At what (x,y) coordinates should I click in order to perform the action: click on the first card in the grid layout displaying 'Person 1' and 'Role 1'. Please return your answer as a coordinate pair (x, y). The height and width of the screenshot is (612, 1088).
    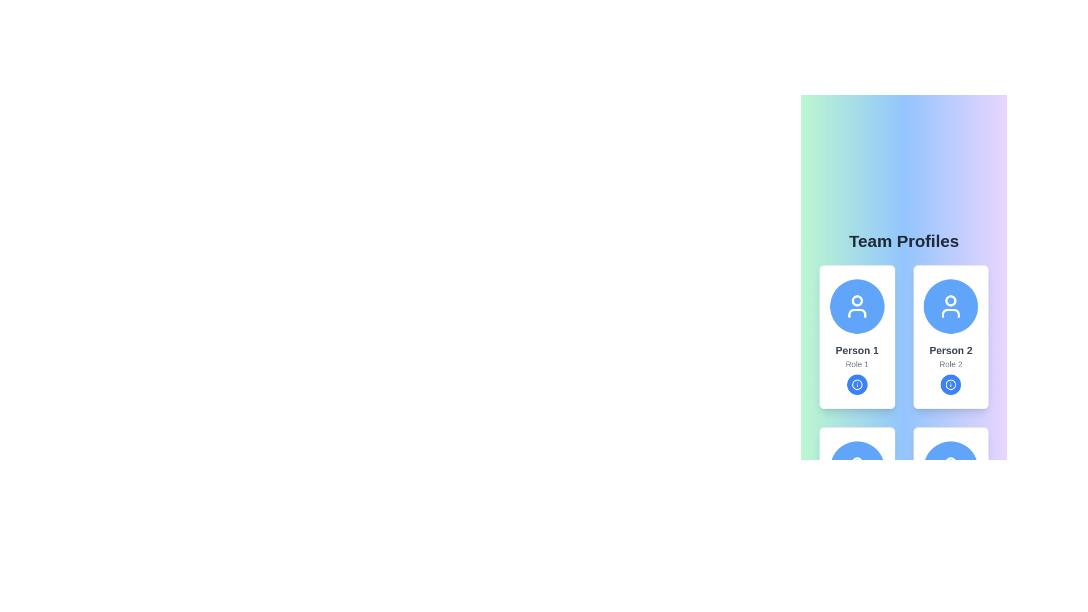
    Looking at the image, I should click on (857, 336).